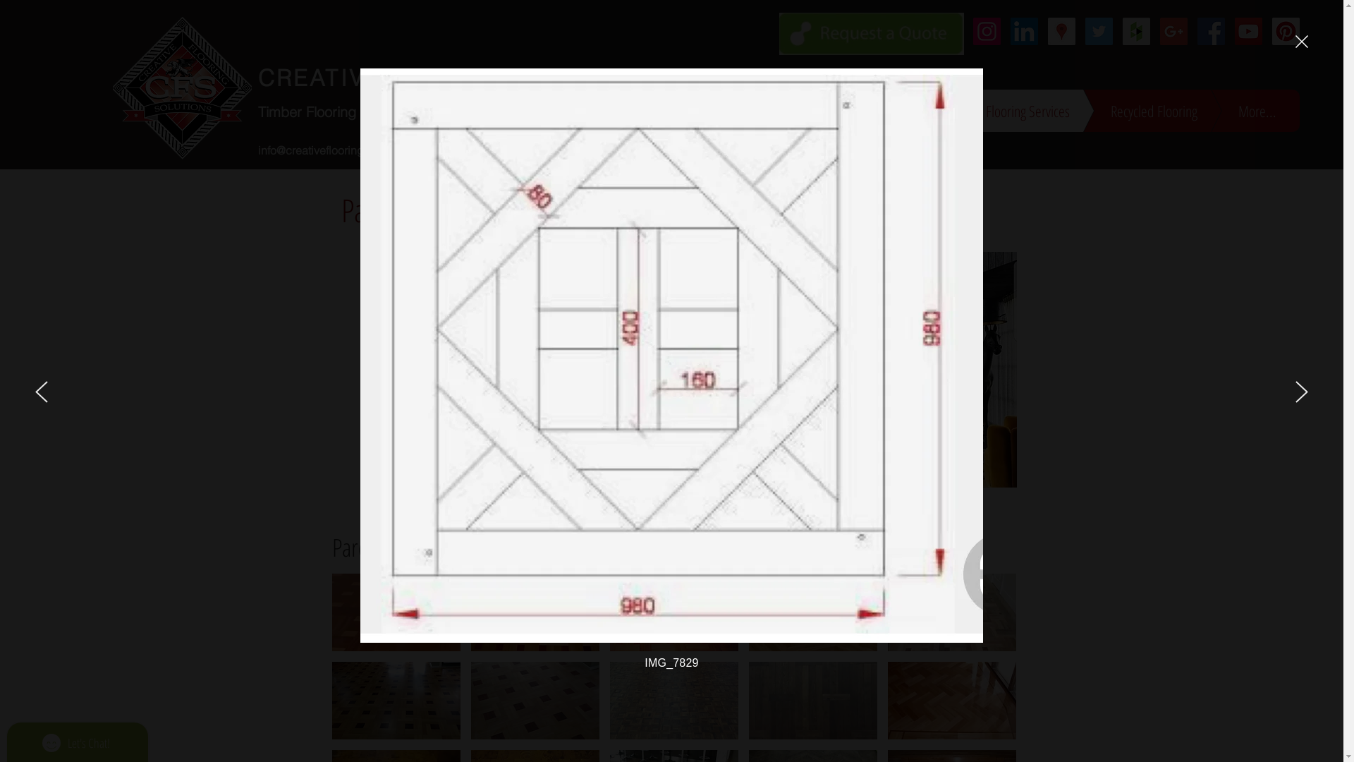 The height and width of the screenshot is (762, 1354). Describe the element at coordinates (920, 109) in the screenshot. I see `'Flooring Services'` at that location.